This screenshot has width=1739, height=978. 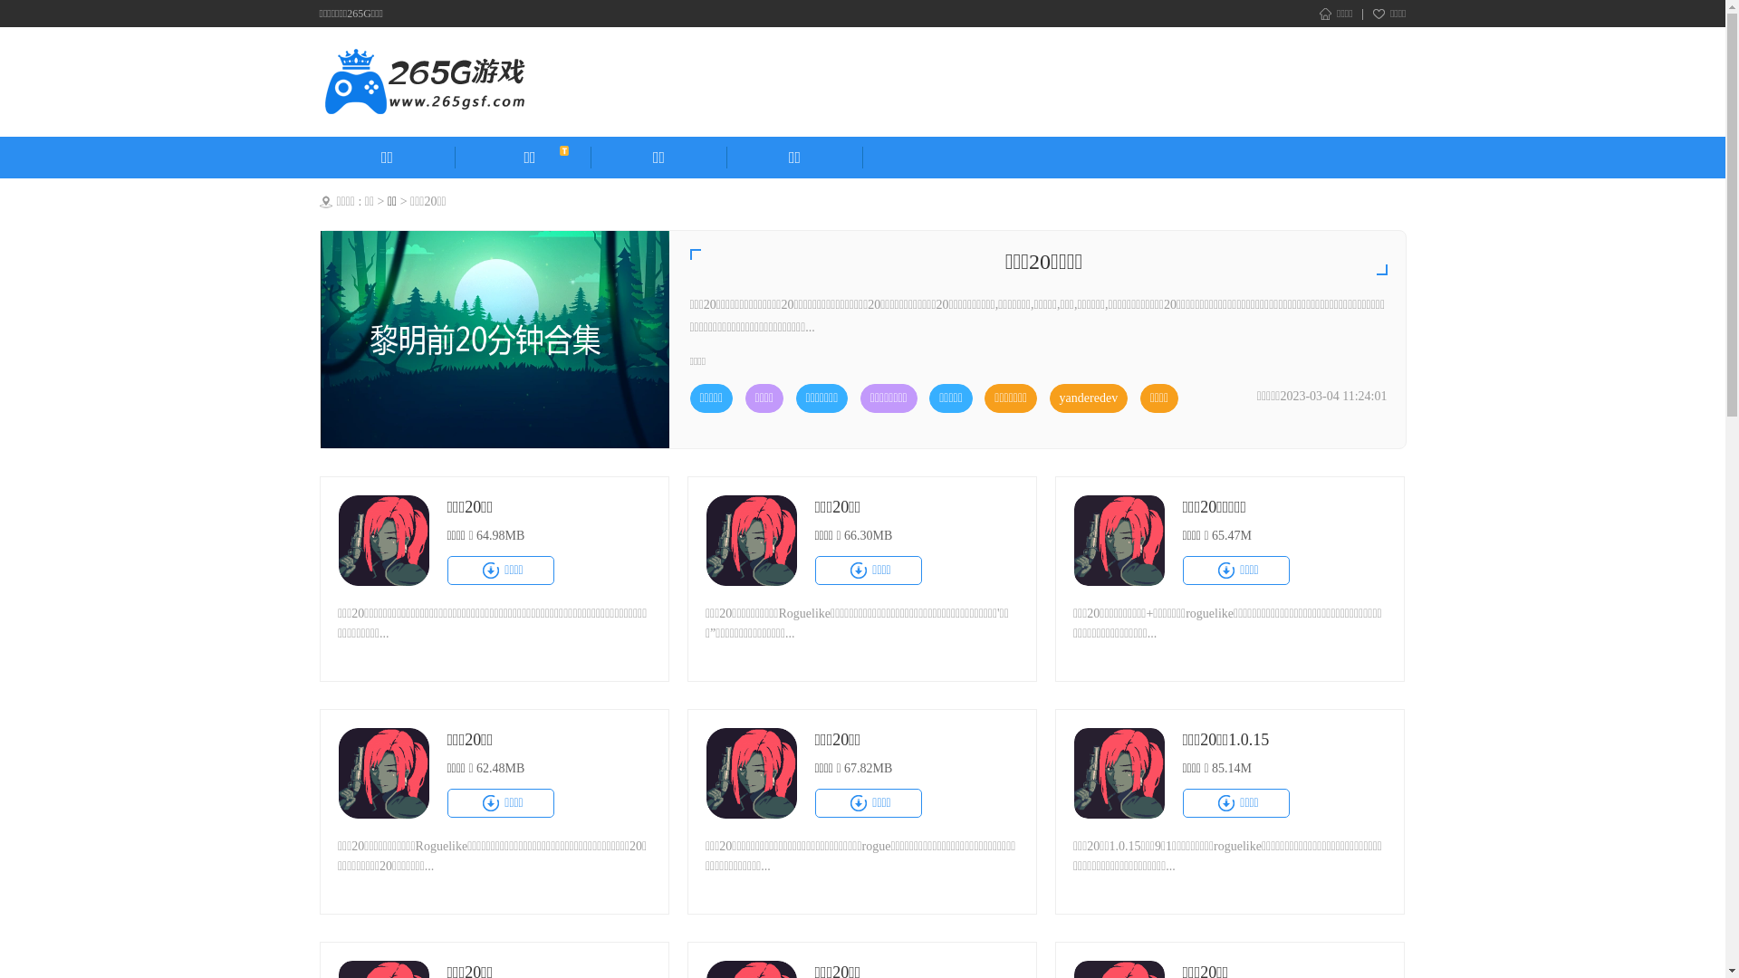 I want to click on 'yanderedev', so click(x=1088, y=397).